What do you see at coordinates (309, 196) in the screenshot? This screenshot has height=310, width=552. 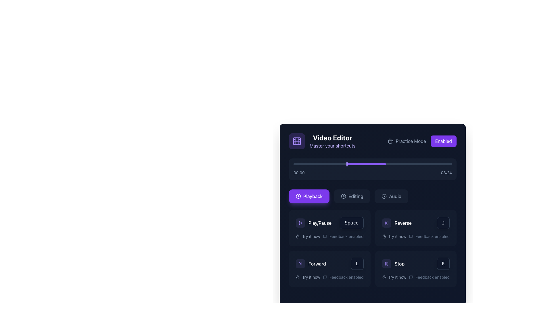 I see `the 'Playback' button with a clock icon, which is a vibrant violet rounded rectangular button located in the lower section of the 'Video Editor' interface` at bounding box center [309, 196].